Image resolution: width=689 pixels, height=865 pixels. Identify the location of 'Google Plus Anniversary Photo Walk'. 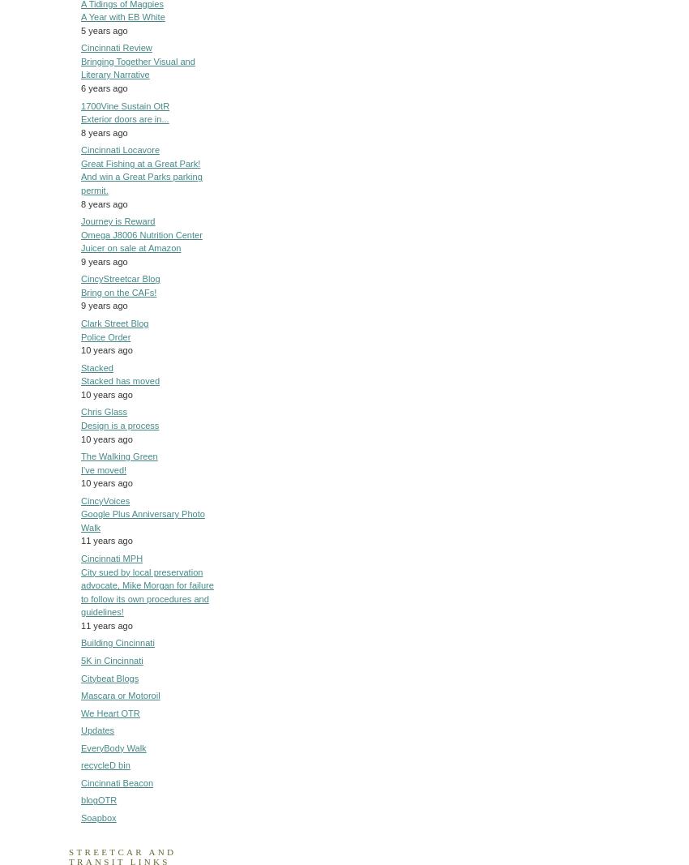
(142, 520).